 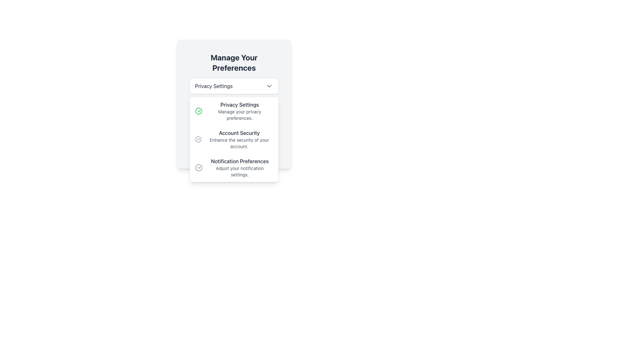 I want to click on the circular arc element of the SVG graphic which is part of a check or success symbol within a circular boundary, so click(x=198, y=139).